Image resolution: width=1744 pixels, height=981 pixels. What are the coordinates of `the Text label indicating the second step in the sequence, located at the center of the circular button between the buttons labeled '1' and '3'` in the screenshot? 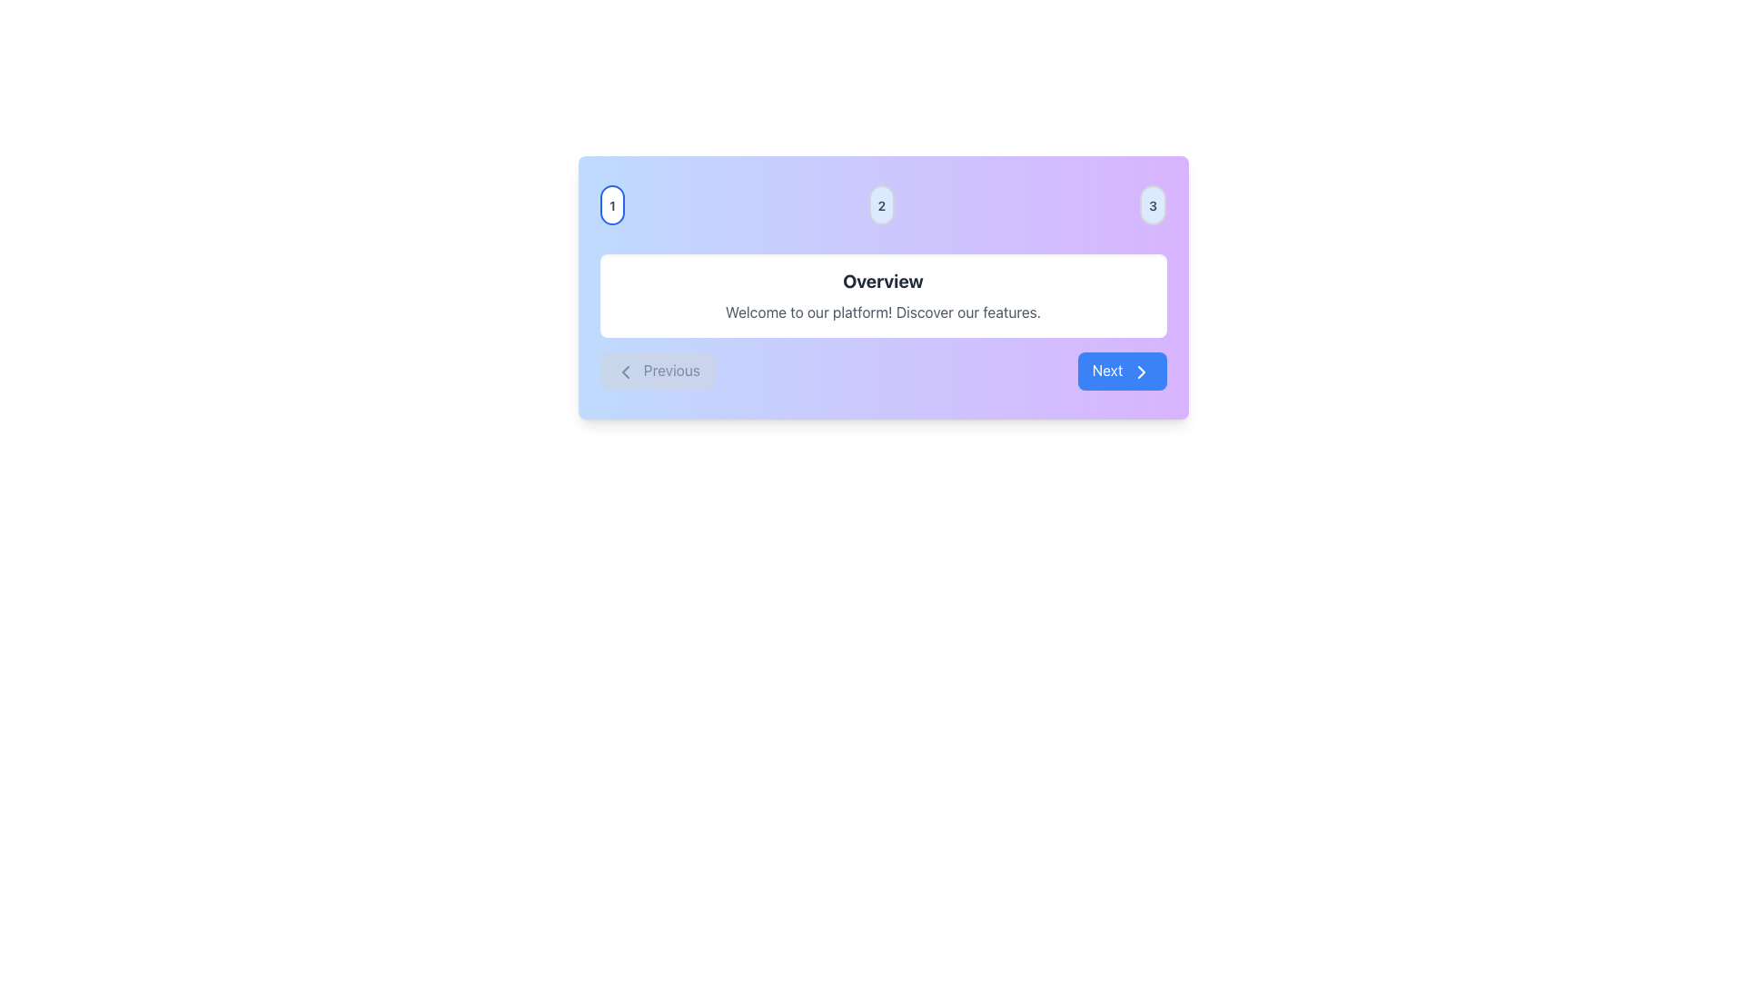 It's located at (882, 204).